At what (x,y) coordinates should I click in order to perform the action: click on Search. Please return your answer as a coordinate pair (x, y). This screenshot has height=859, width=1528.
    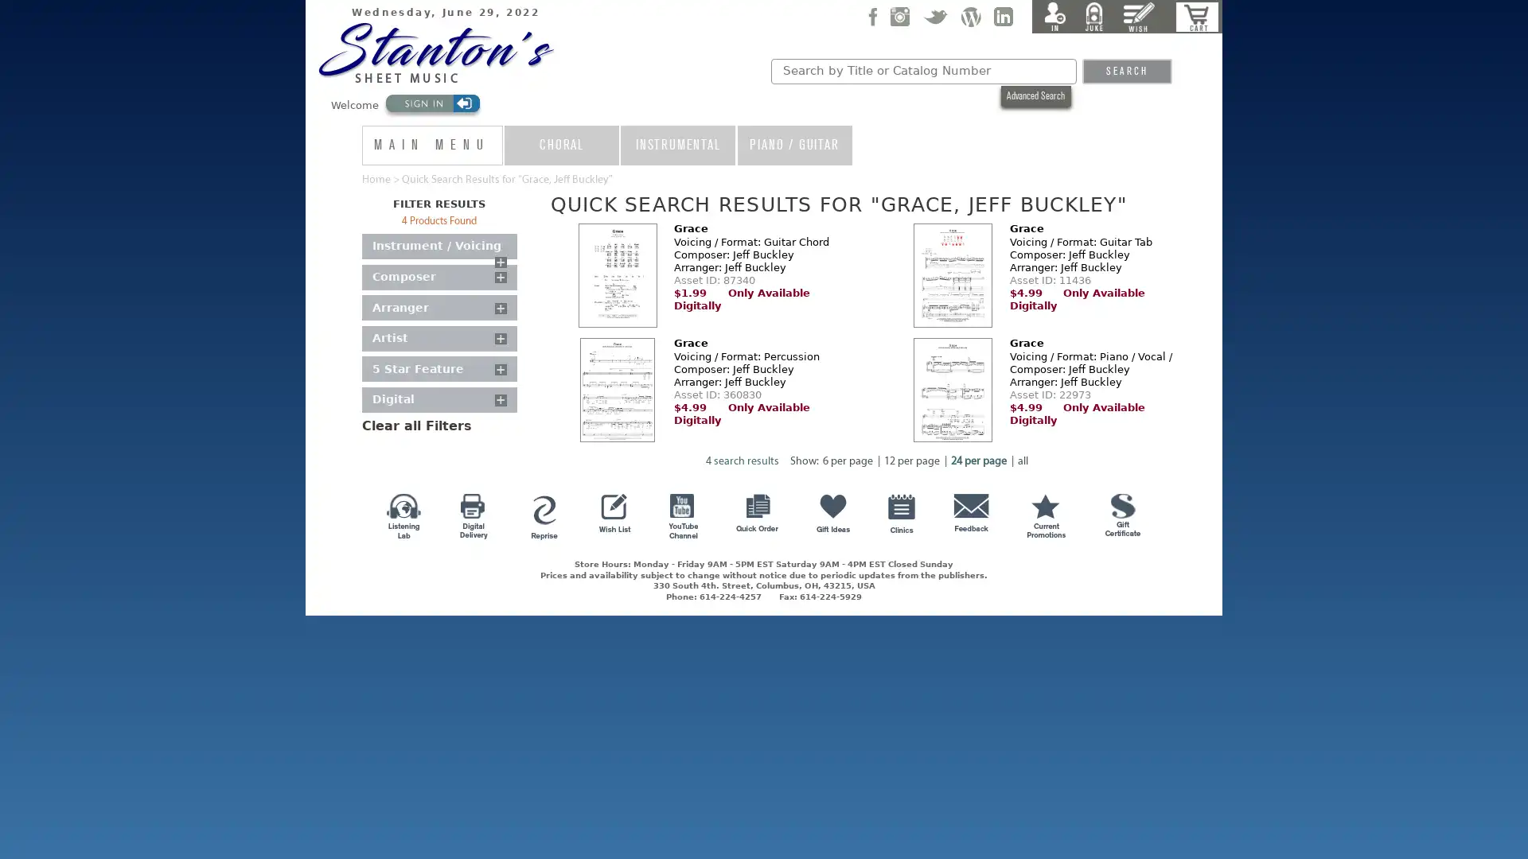
    Looking at the image, I should click on (1125, 70).